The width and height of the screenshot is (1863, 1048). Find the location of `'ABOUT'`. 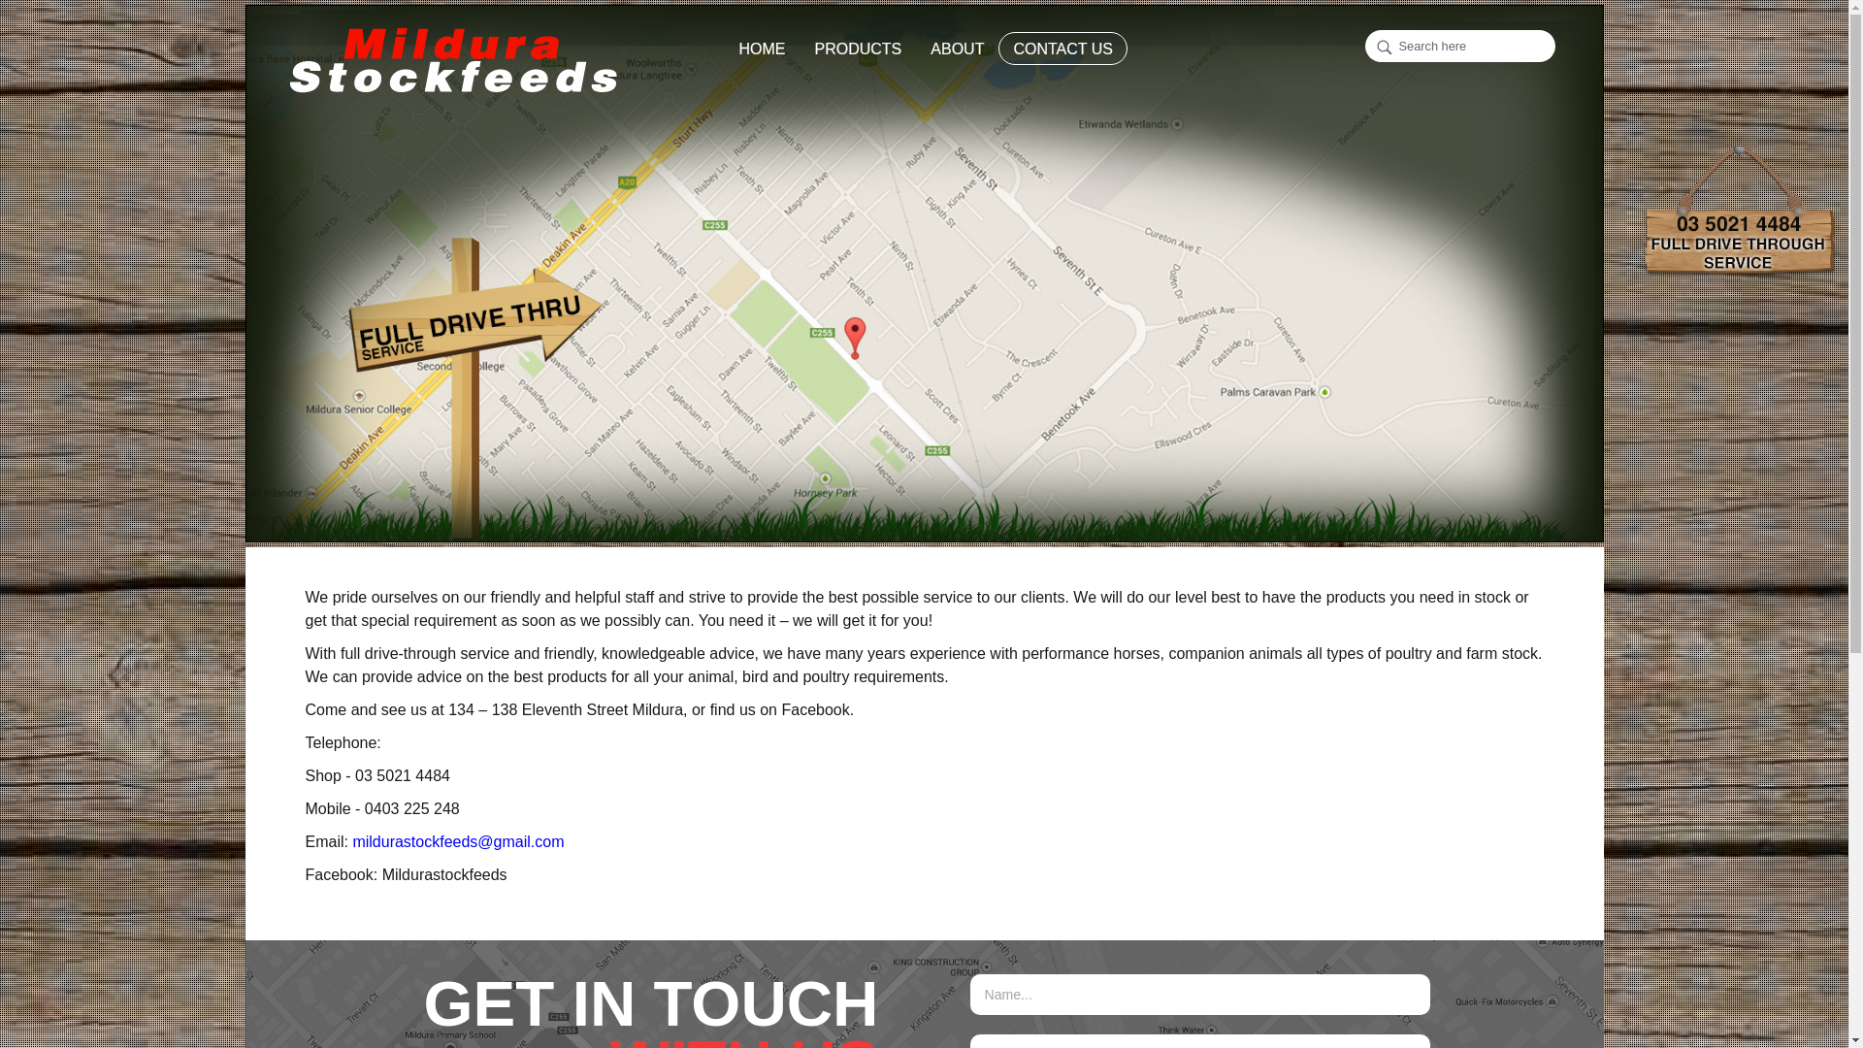

'ABOUT' is located at coordinates (916, 48).